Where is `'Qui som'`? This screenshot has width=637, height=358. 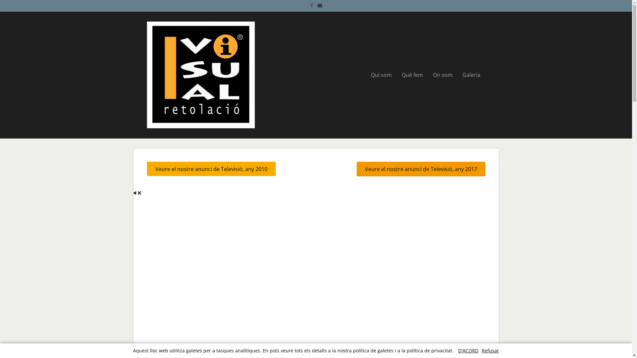
'Qui som' is located at coordinates (381, 75).